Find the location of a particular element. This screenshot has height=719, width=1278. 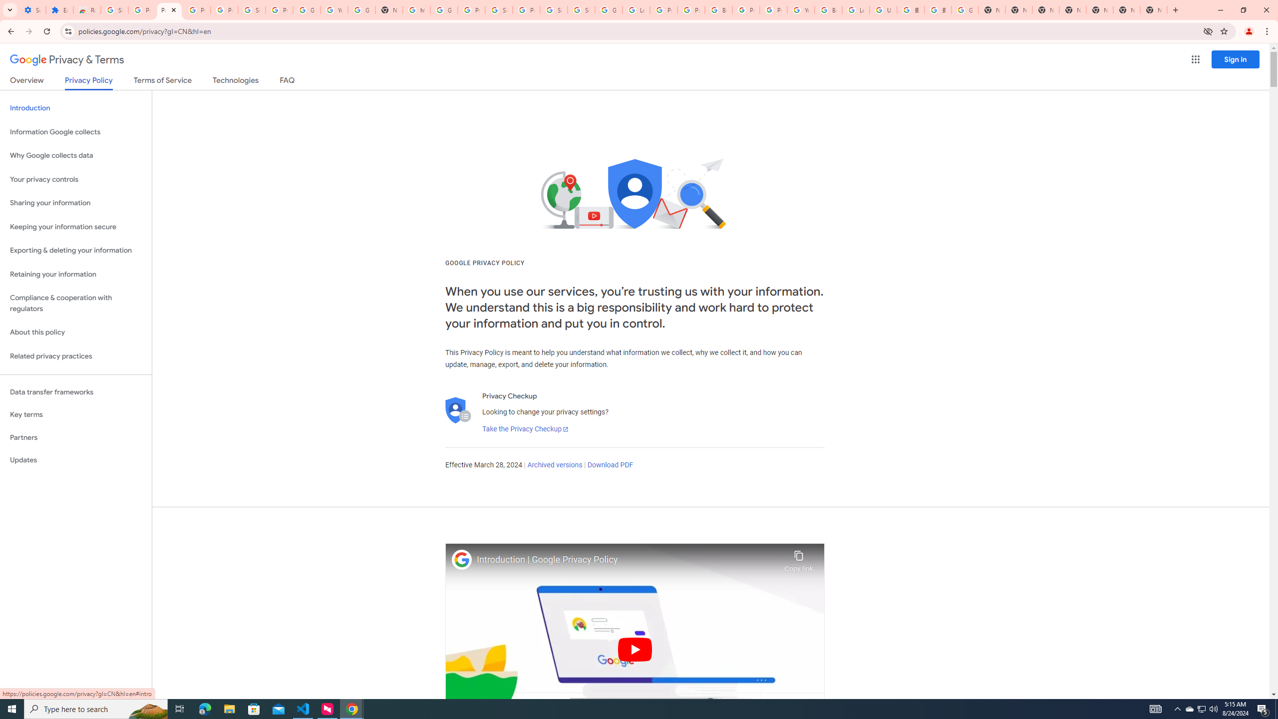

'Technologies' is located at coordinates (236, 82).